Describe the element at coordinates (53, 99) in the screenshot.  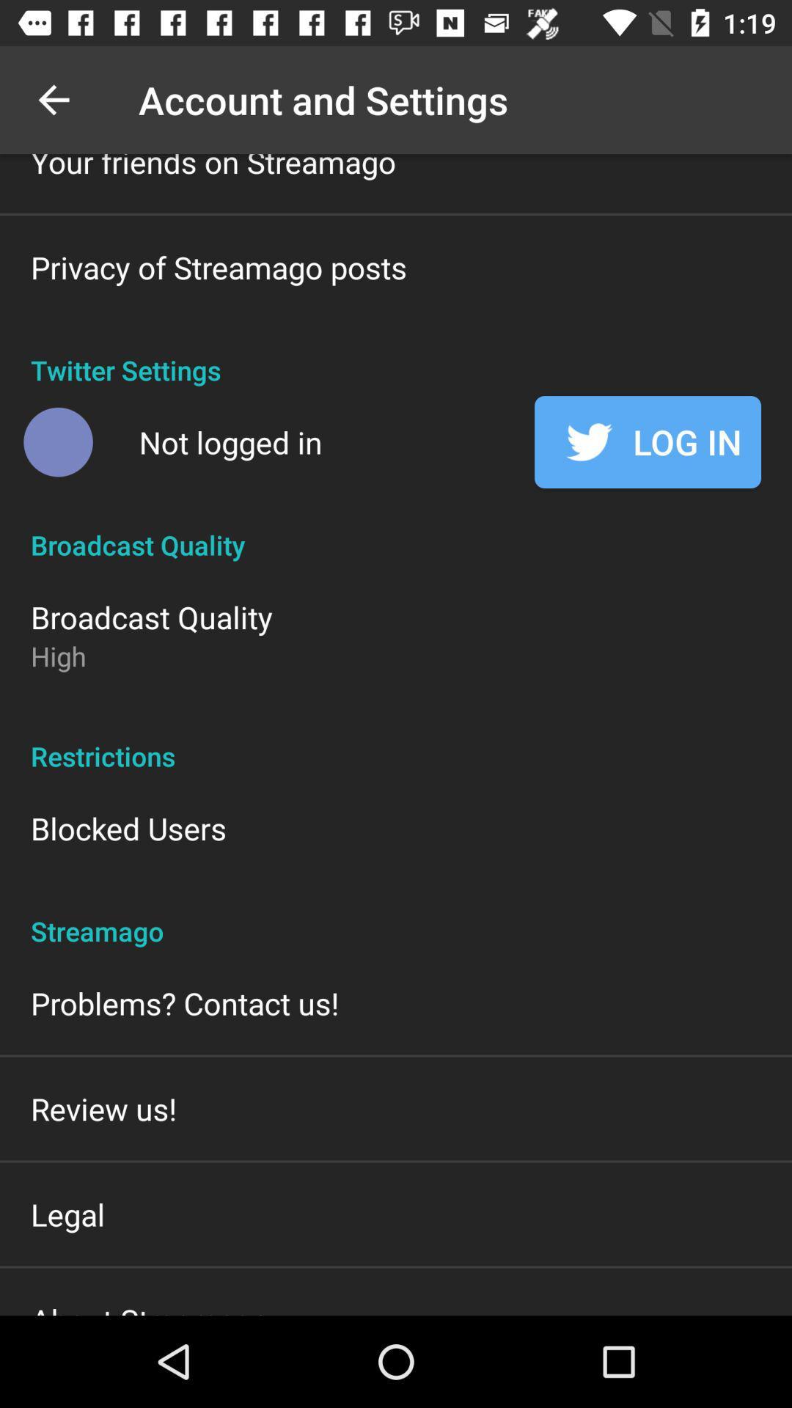
I see `the item to the left of account and settings icon` at that location.